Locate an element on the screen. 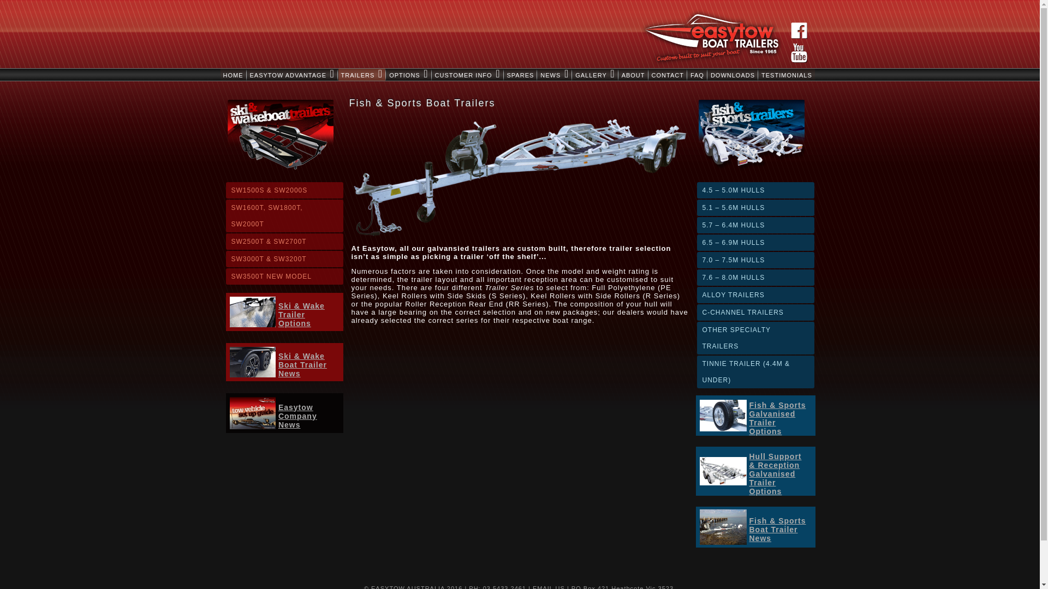  'TRAILERS' is located at coordinates (362, 74).